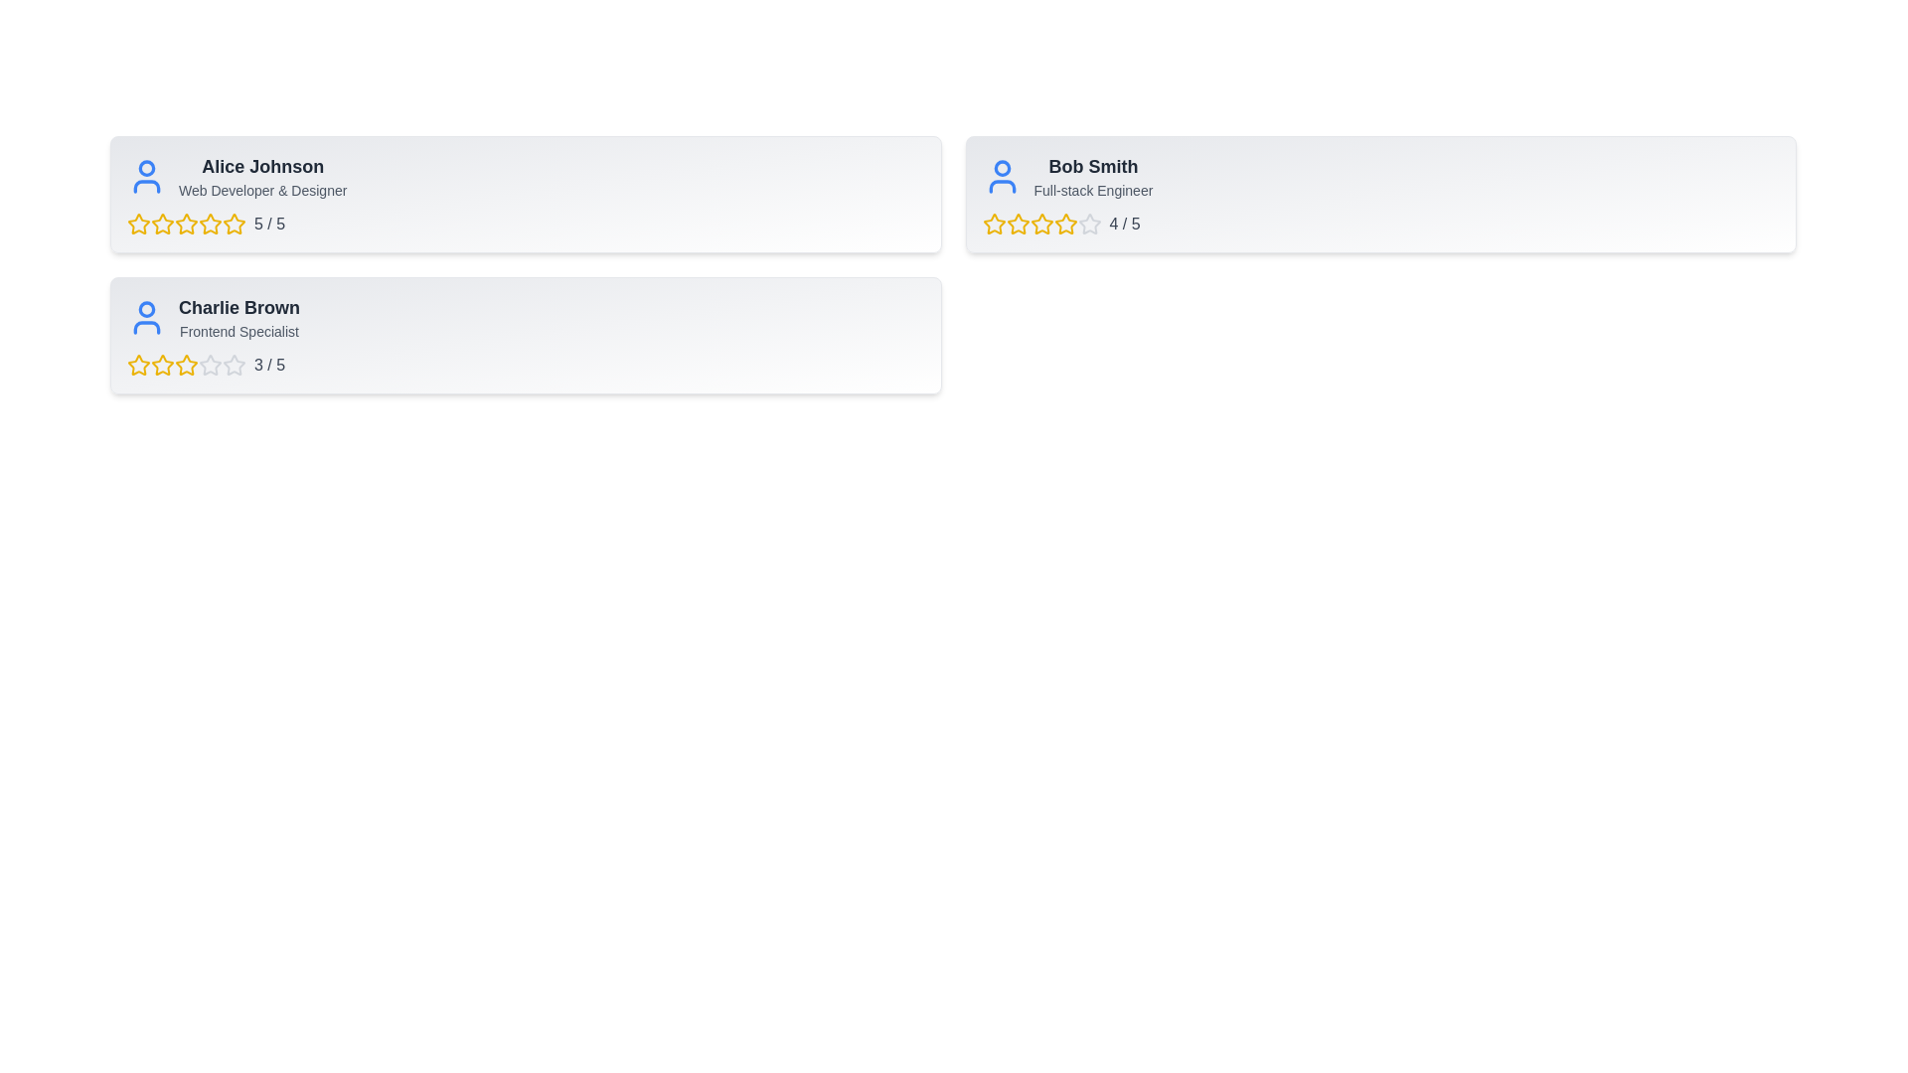 The width and height of the screenshot is (1908, 1073). Describe the element at coordinates (234, 224) in the screenshot. I see `the 5 star for the user Alice Johnson to set their rating` at that location.